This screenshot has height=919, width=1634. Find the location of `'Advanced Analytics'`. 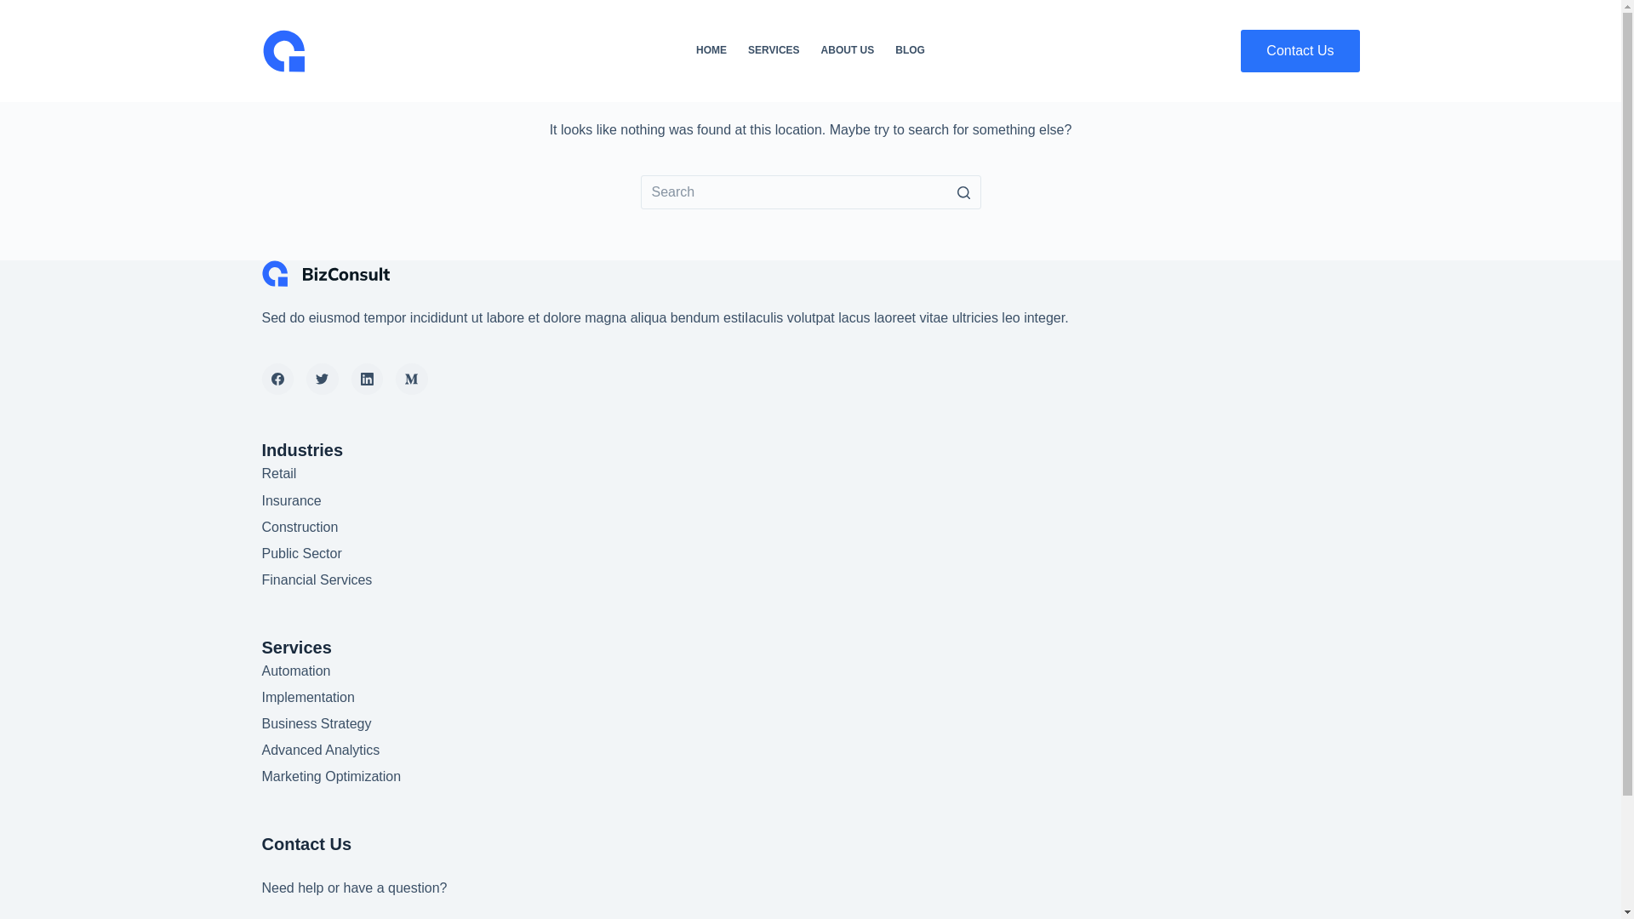

'Advanced Analytics' is located at coordinates (260, 749).